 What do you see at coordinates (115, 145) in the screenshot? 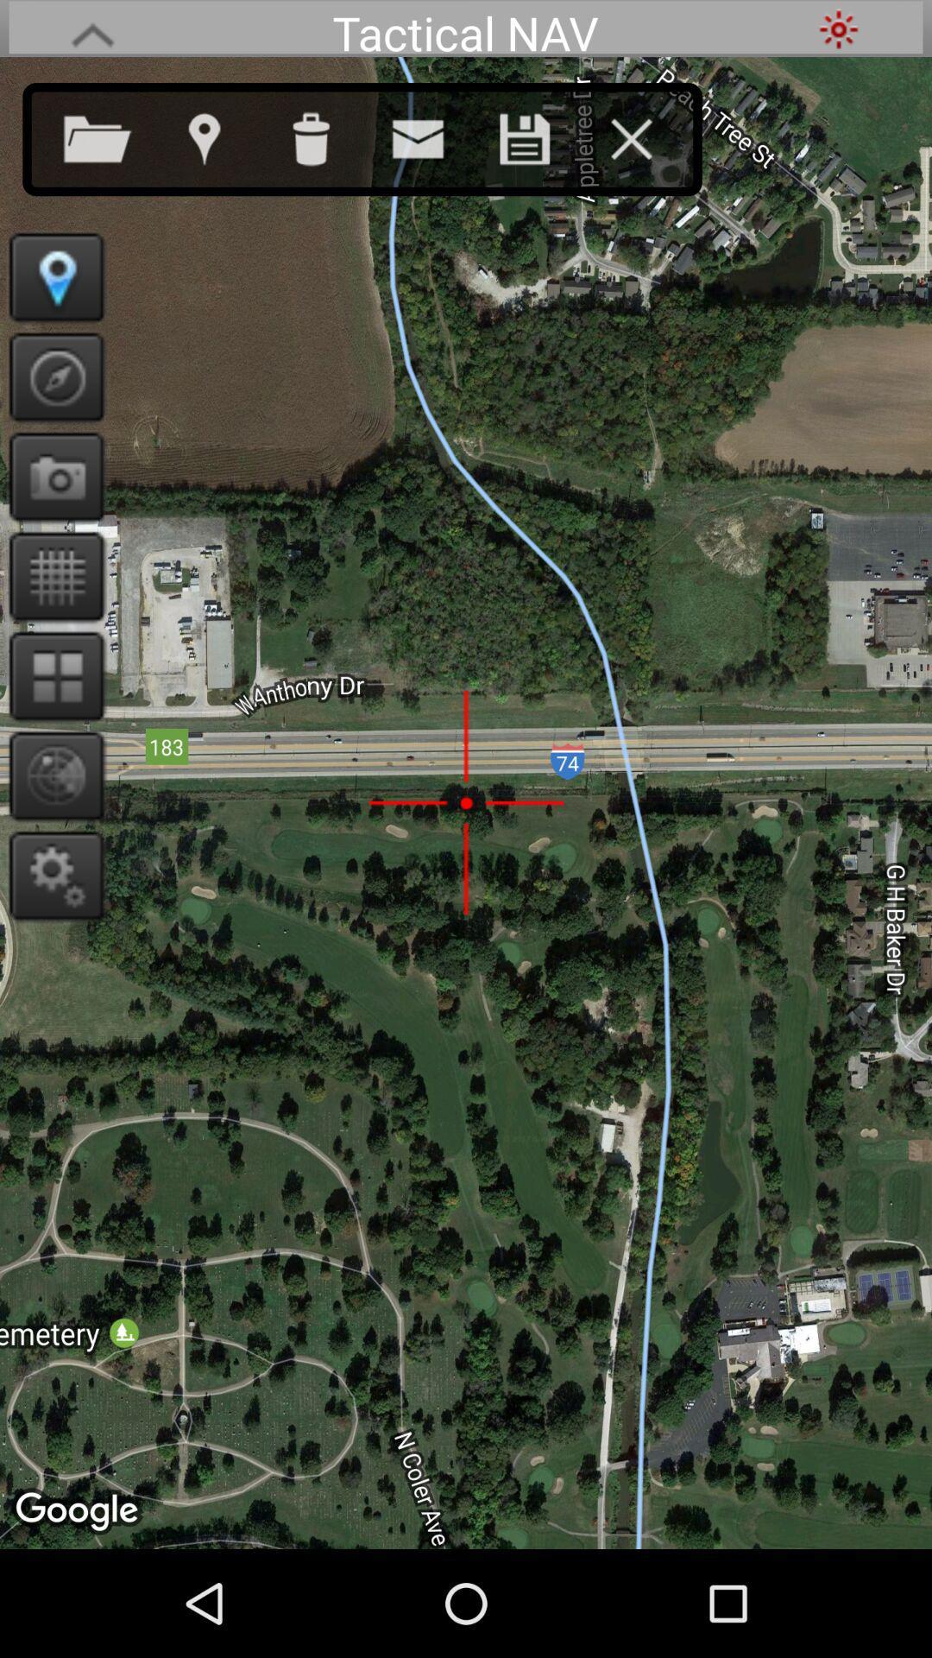
I see `the folder icon` at bounding box center [115, 145].